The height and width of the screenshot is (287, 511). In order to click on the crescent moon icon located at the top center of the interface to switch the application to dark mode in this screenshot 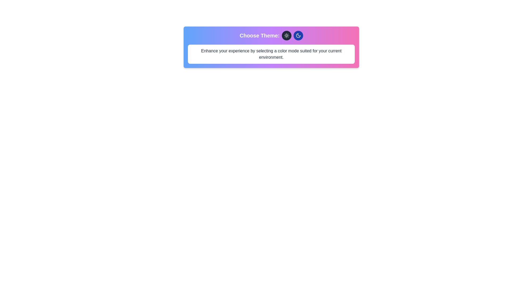, I will do `click(298, 36)`.